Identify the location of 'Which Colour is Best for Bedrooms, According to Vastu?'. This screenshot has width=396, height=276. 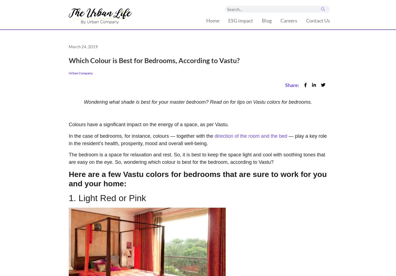
(68, 60).